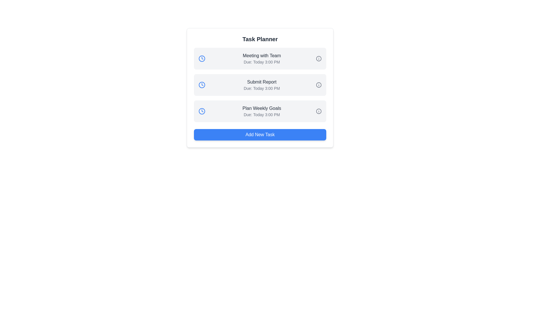 The width and height of the screenshot is (550, 309). What do you see at coordinates (202, 85) in the screenshot?
I see `the SVG Circle element representing the outer border of the clock icon, which is styled blue and positioned to the left of the 'Submit Report' text` at bounding box center [202, 85].